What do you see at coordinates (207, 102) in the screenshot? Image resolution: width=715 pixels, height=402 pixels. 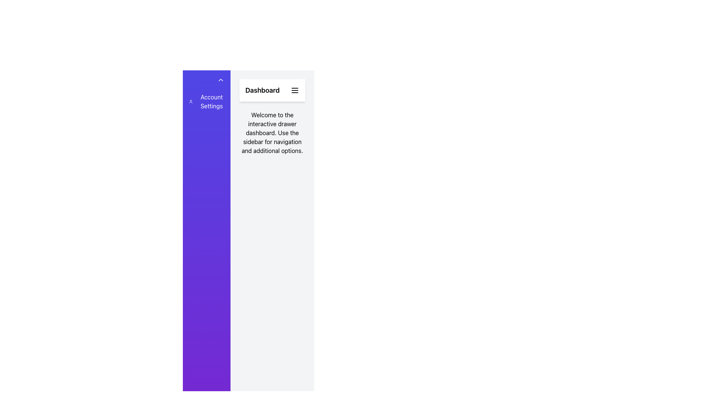 I see `the 'Account Settings' navigational button` at bounding box center [207, 102].